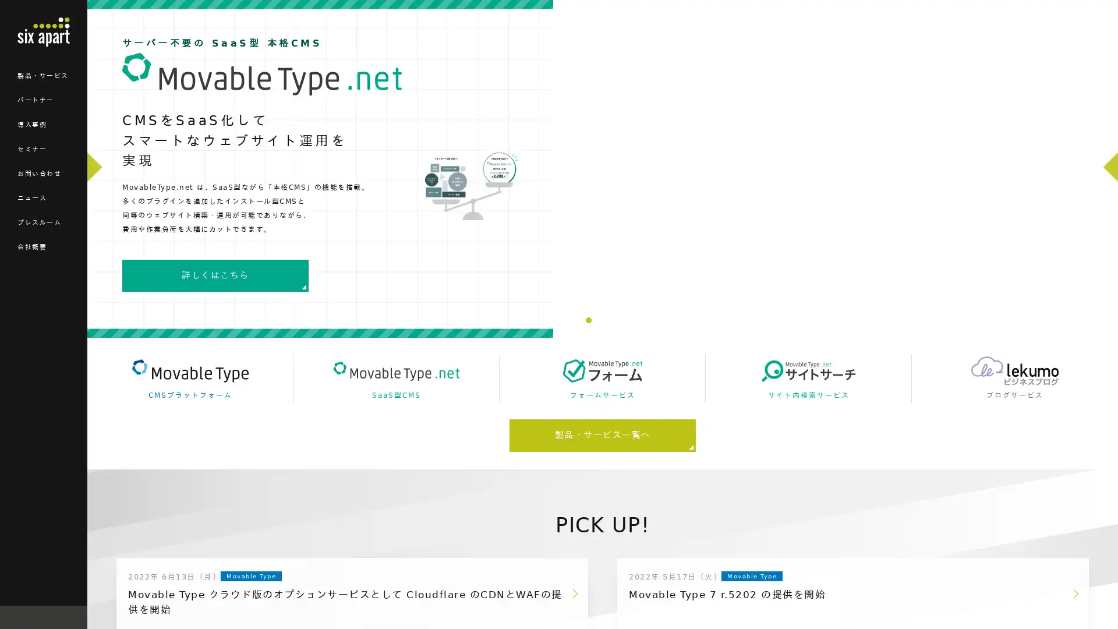  Describe the element at coordinates (598, 320) in the screenshot. I see `2` at that location.